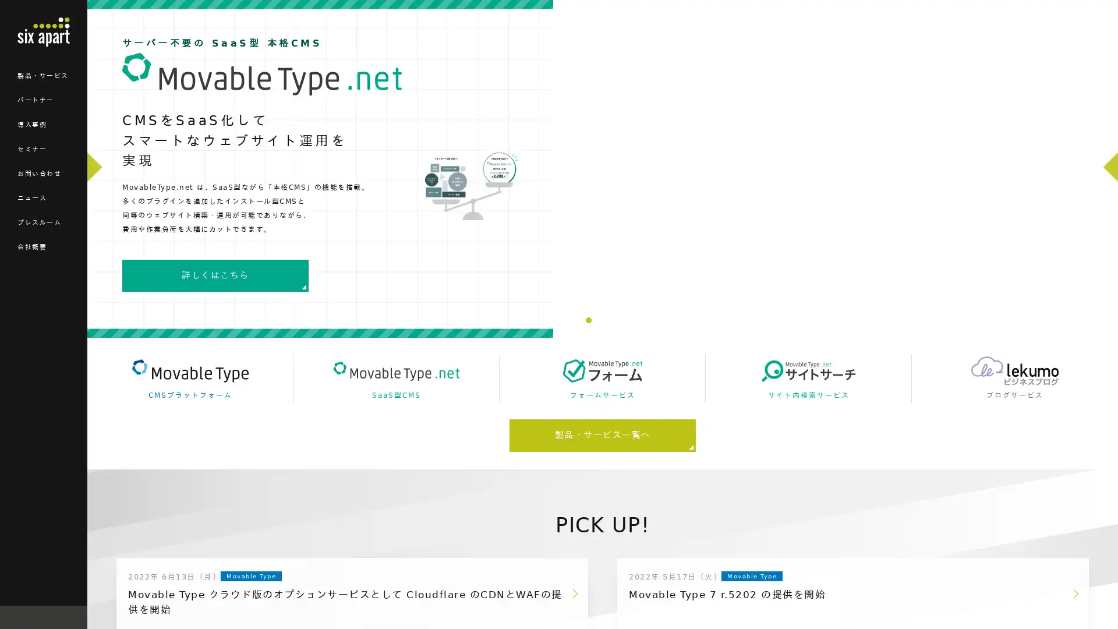  Describe the element at coordinates (598, 320) in the screenshot. I see `2` at that location.